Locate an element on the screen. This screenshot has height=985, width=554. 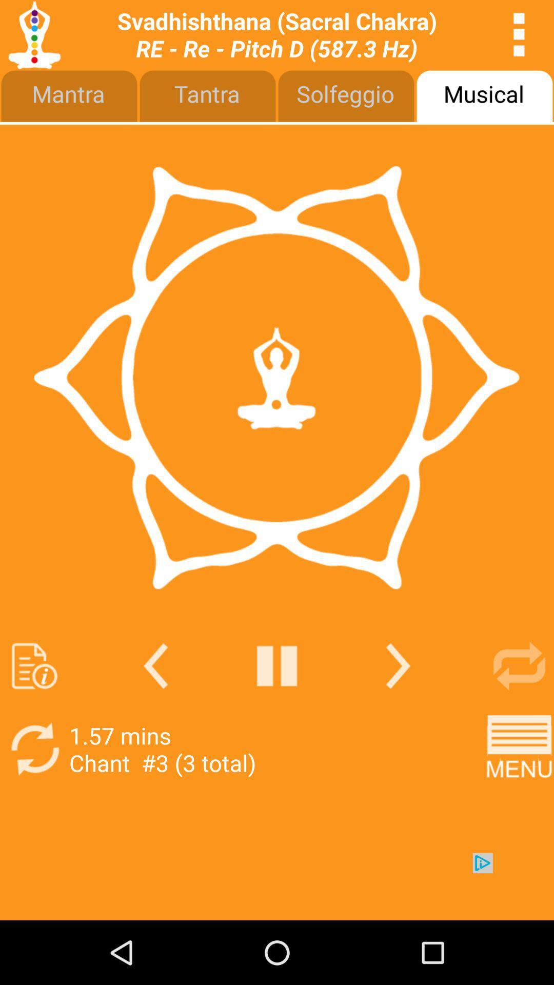
the menu icon is located at coordinates (519, 801).